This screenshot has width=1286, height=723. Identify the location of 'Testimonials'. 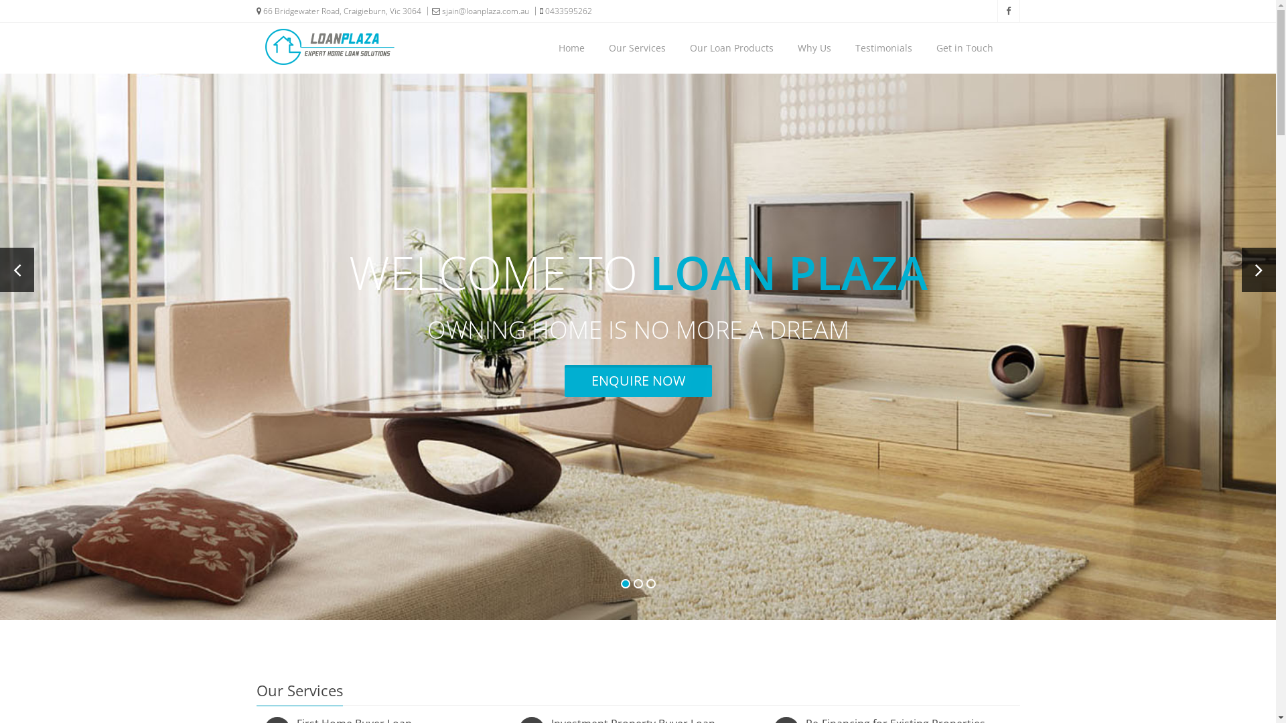
(883, 48).